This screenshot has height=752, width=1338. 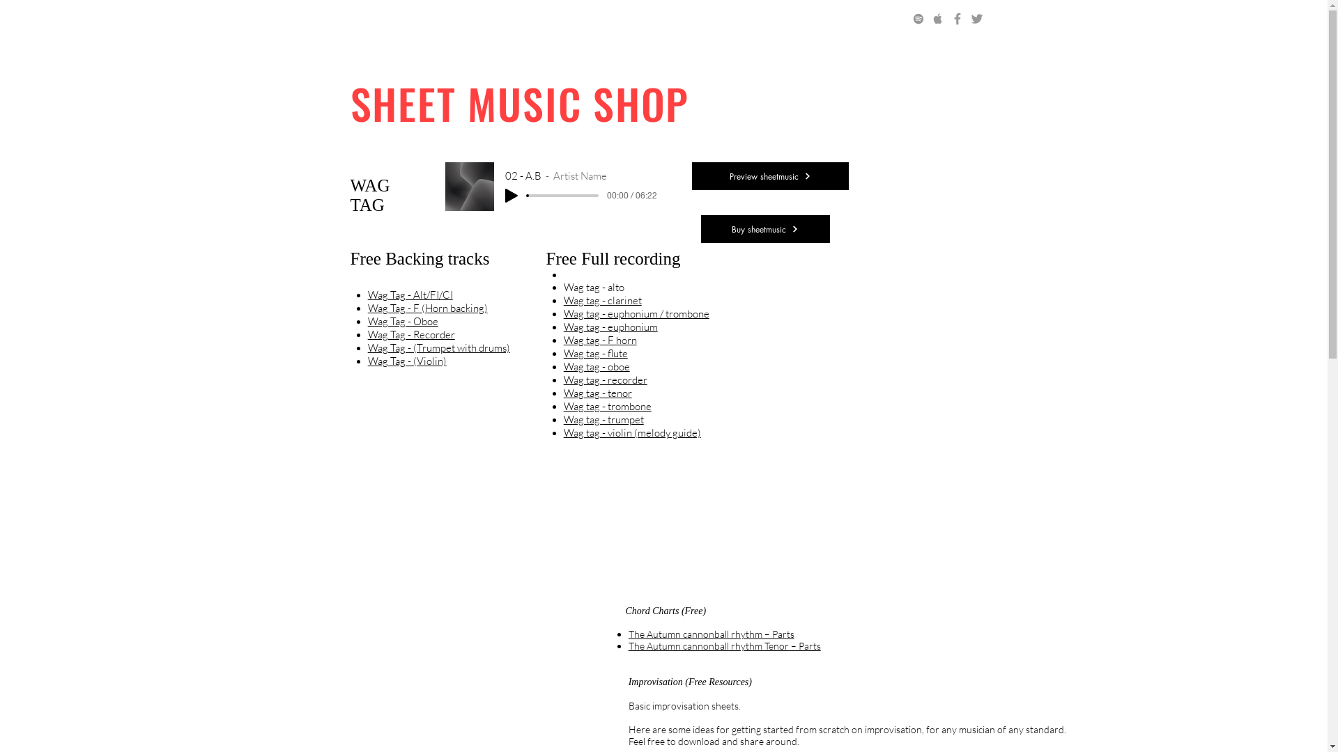 I want to click on 'Wag tag - flute', so click(x=595, y=352).